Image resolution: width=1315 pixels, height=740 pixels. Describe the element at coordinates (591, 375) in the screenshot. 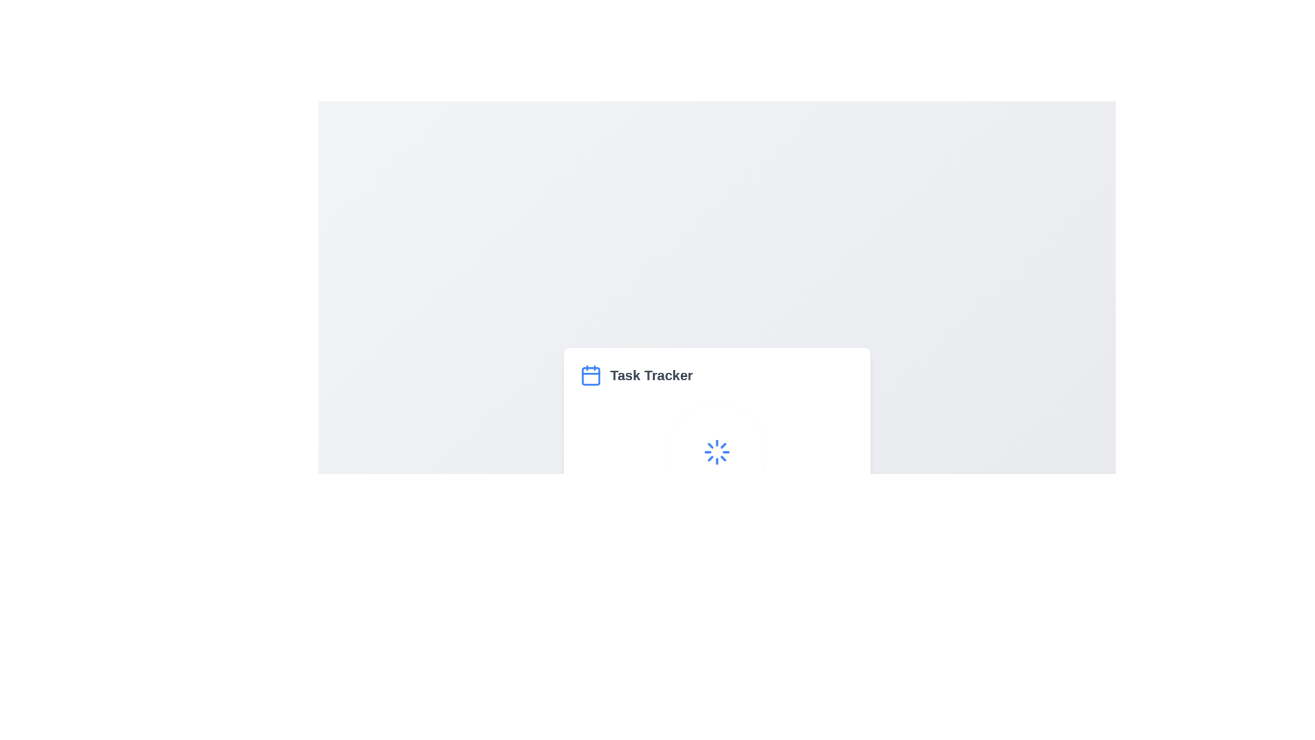

I see `the rectangular section within the calendar icon` at that location.